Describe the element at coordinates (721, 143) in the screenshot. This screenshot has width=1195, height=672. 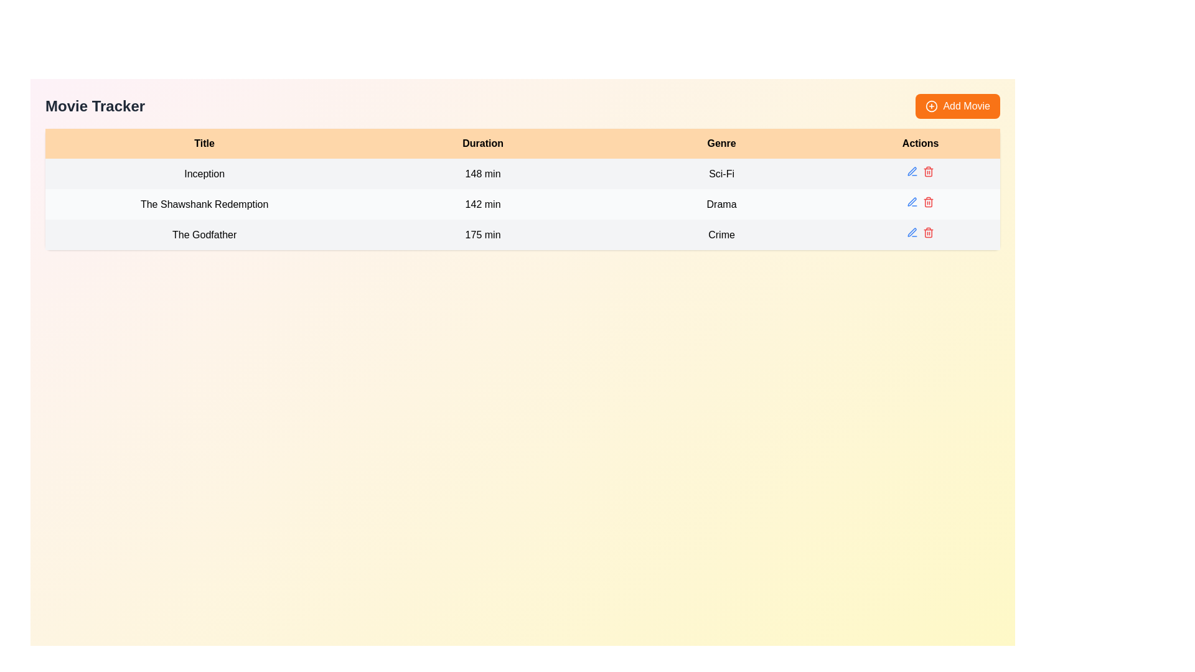
I see `the table header indicating the genre classification of the listed movies, which is positioned as the third column between 'Duration' and 'Actions'` at that location.